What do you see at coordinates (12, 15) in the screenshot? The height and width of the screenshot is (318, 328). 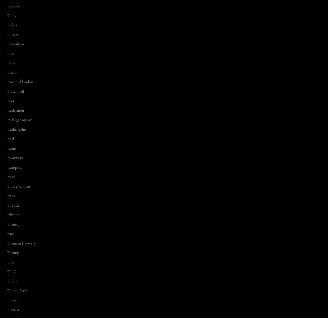 I see `'Toby'` at bounding box center [12, 15].